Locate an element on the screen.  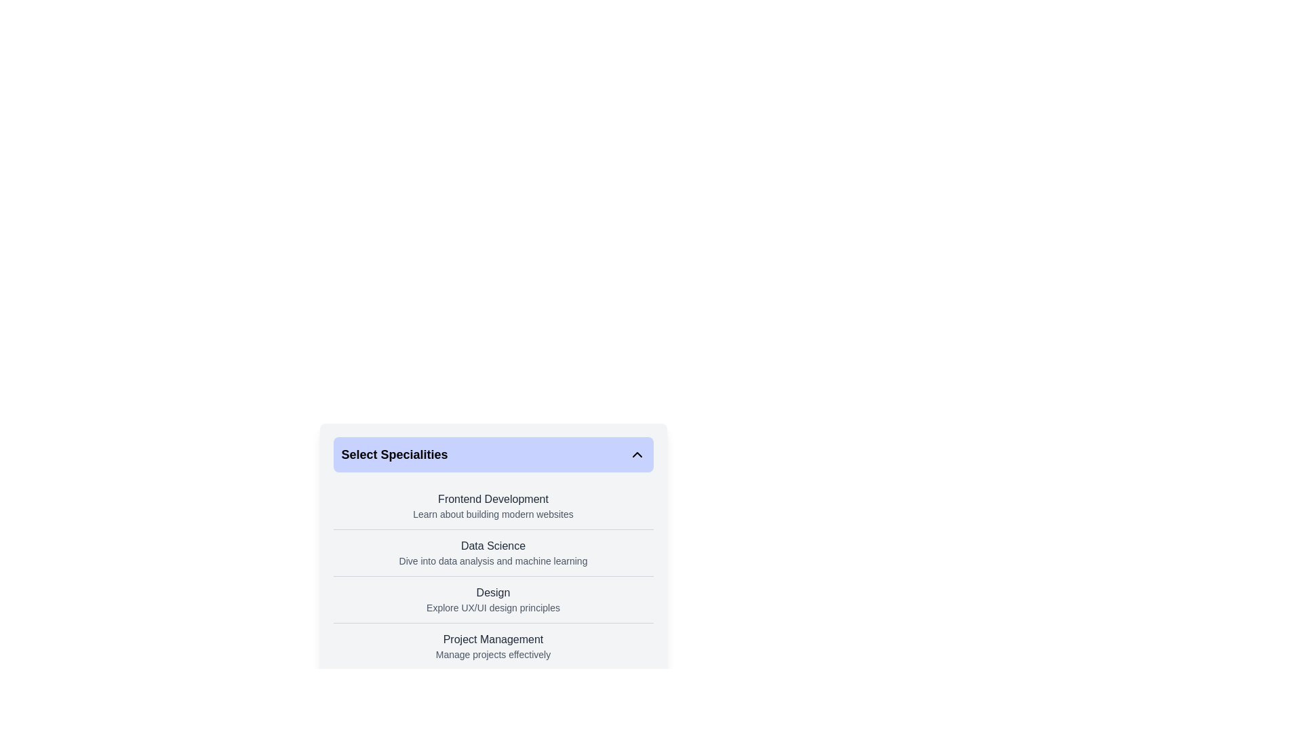
the 'Design' selectable menu option, which displays 'Design' in medium dark grey font and 'Explore UX/UI design principles' in lighter grey font, located in the dropdown menu titled 'Select Specialities' is located at coordinates (492, 598).